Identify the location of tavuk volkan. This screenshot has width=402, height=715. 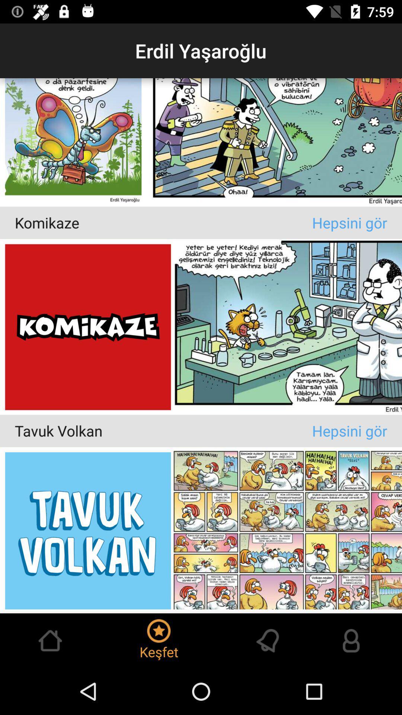
(163, 430).